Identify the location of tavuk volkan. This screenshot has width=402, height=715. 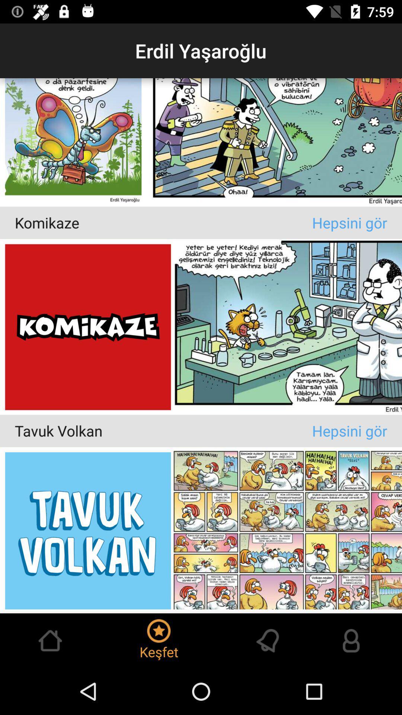
(163, 430).